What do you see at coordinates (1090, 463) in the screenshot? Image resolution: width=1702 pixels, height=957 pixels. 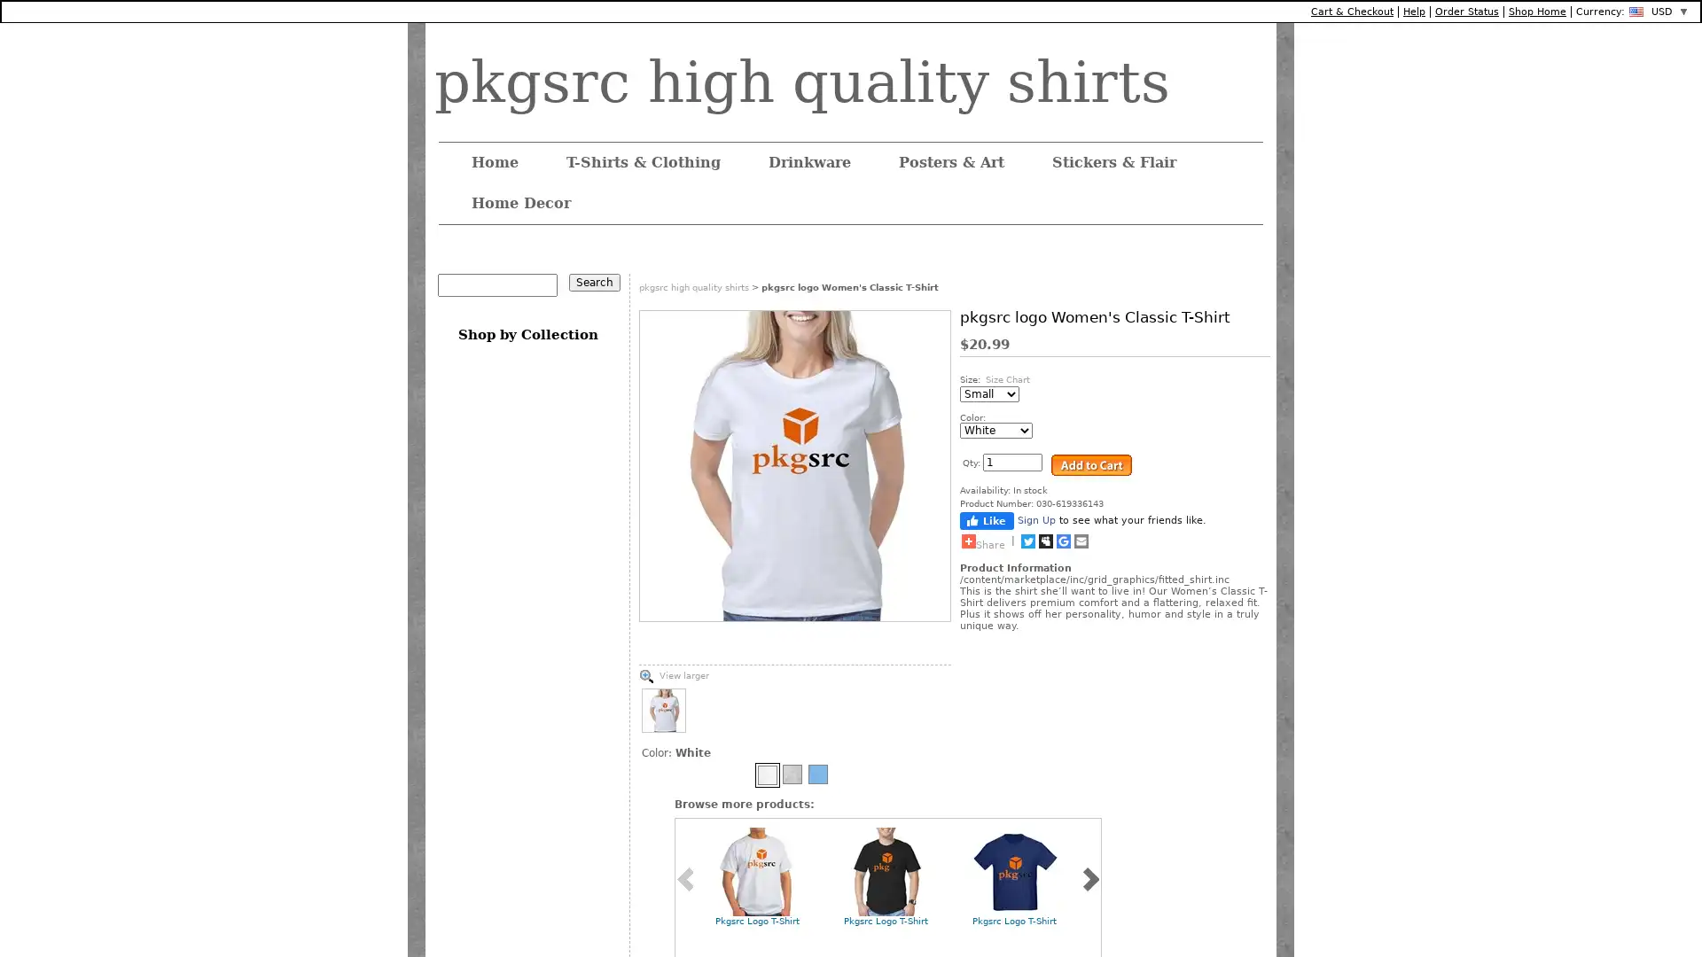 I see `Add to Cart` at bounding box center [1090, 463].